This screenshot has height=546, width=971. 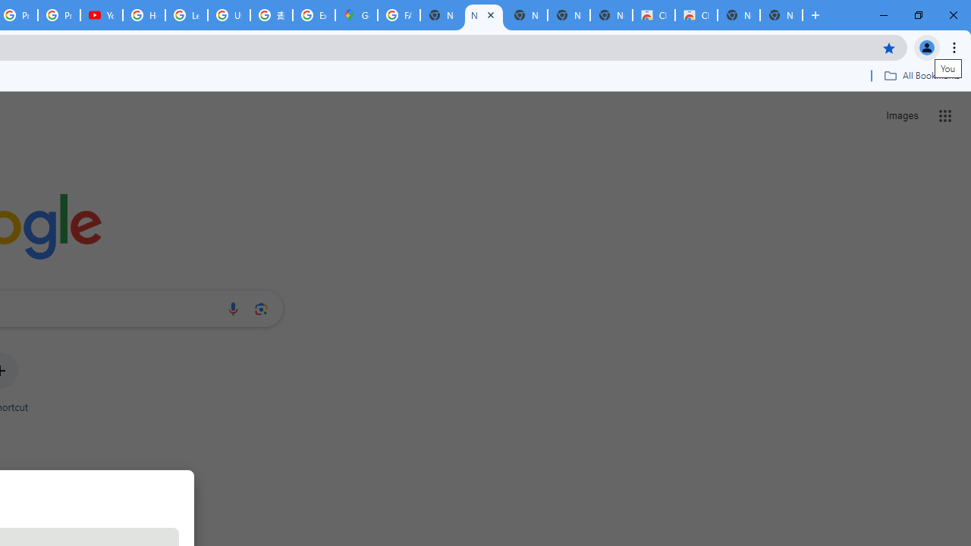 What do you see at coordinates (355, 15) in the screenshot?
I see `'Google Maps'` at bounding box center [355, 15].